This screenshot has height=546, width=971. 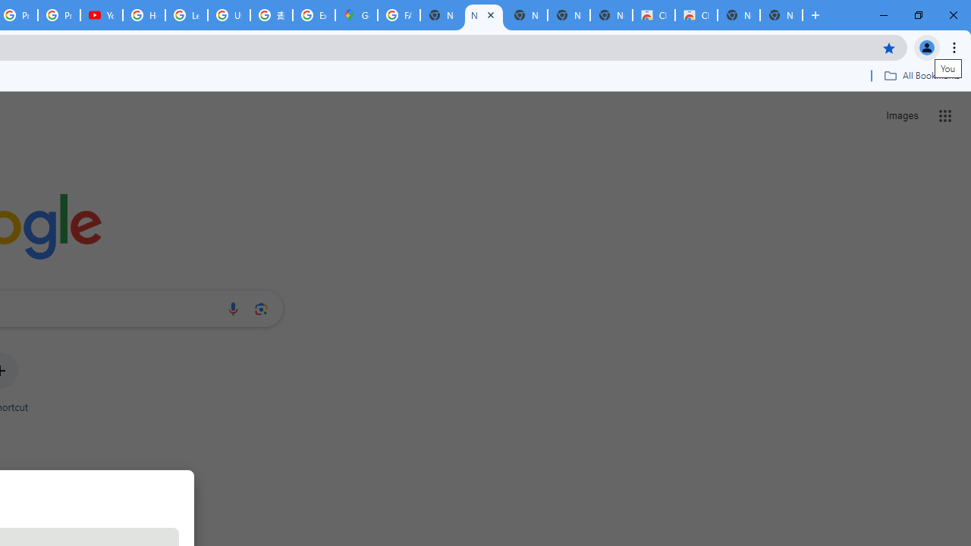 What do you see at coordinates (355, 15) in the screenshot?
I see `'Google Maps'` at bounding box center [355, 15].